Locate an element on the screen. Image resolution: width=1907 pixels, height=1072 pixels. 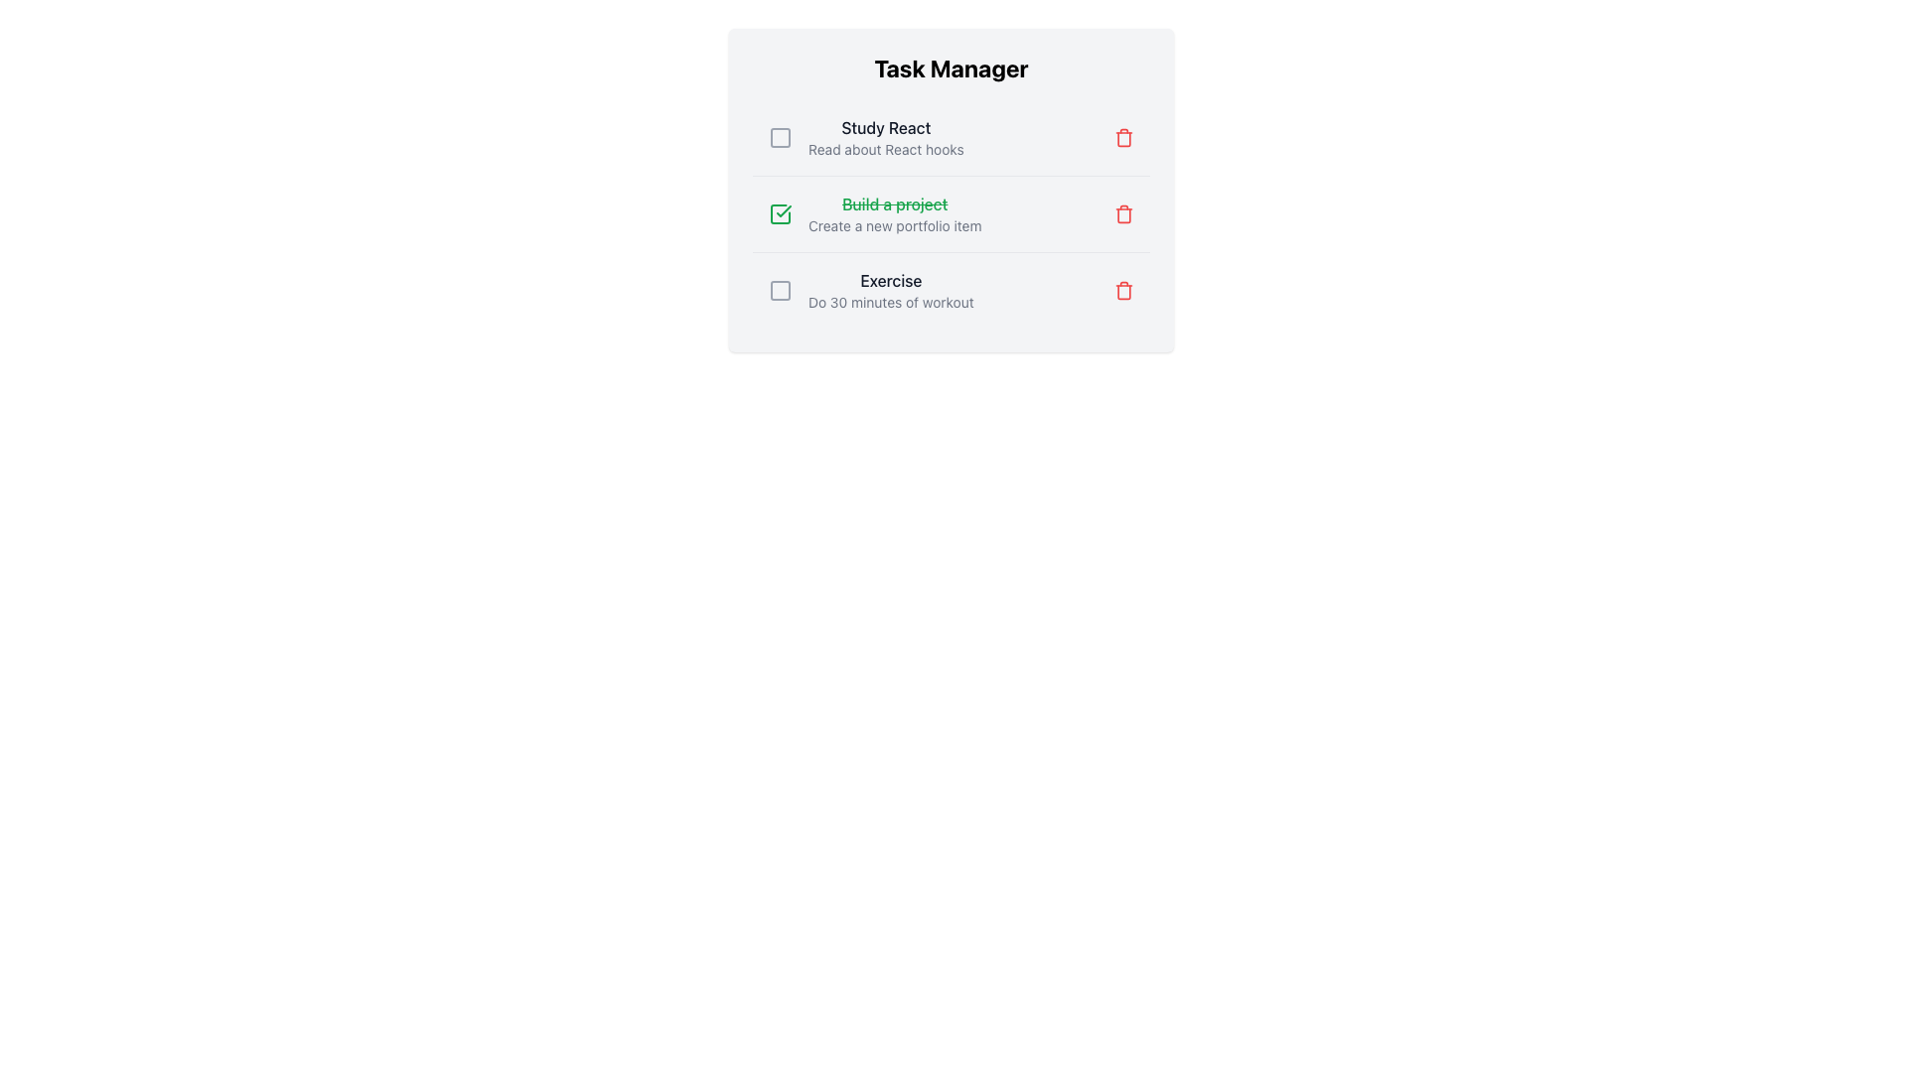
the third task row labeled 'Exercise' is located at coordinates (951, 290).